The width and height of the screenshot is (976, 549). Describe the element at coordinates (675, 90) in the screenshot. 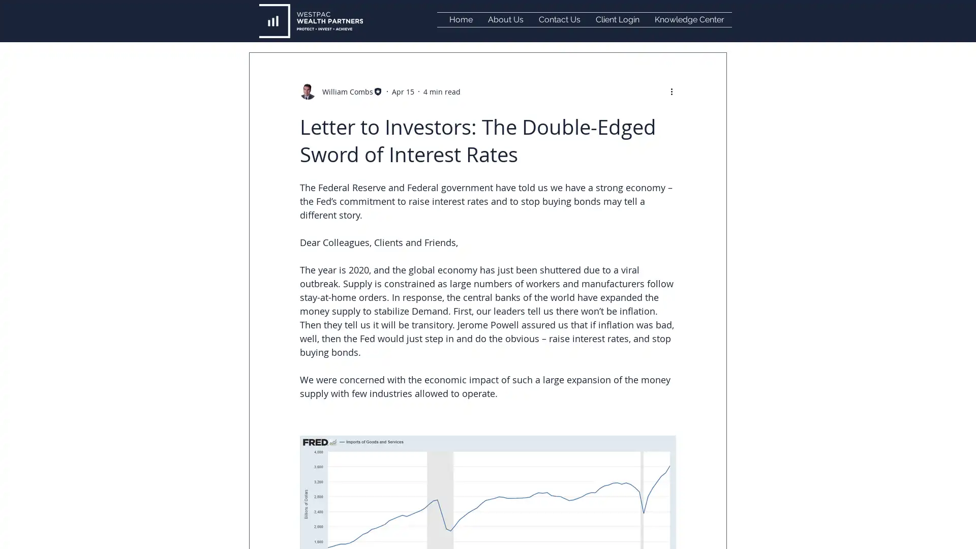

I see `More actions` at that location.